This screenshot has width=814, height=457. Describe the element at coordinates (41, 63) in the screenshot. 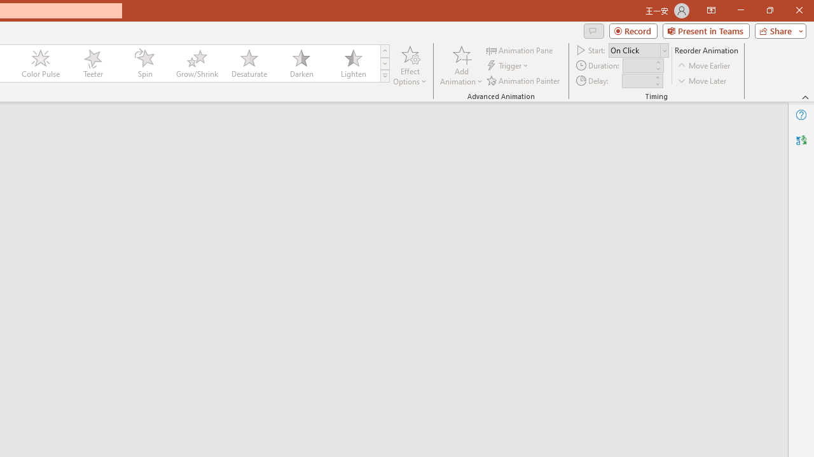

I see `'Color Pulse'` at that location.